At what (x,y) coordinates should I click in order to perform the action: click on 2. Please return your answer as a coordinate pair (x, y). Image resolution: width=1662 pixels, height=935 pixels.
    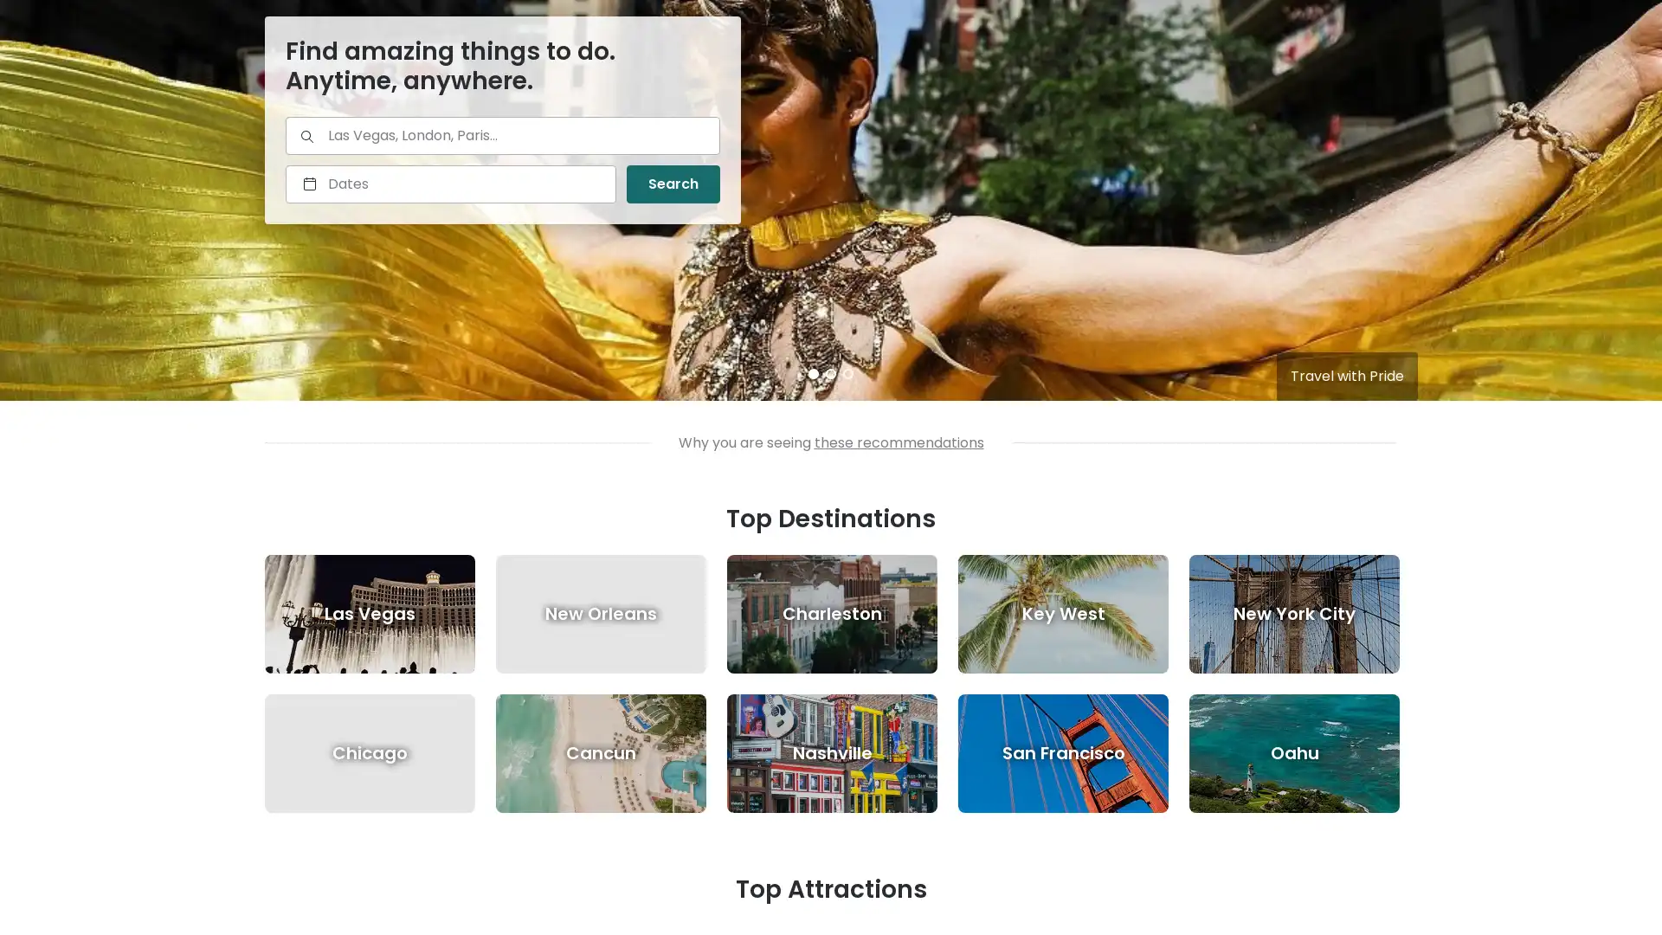
    Looking at the image, I should click on (831, 373).